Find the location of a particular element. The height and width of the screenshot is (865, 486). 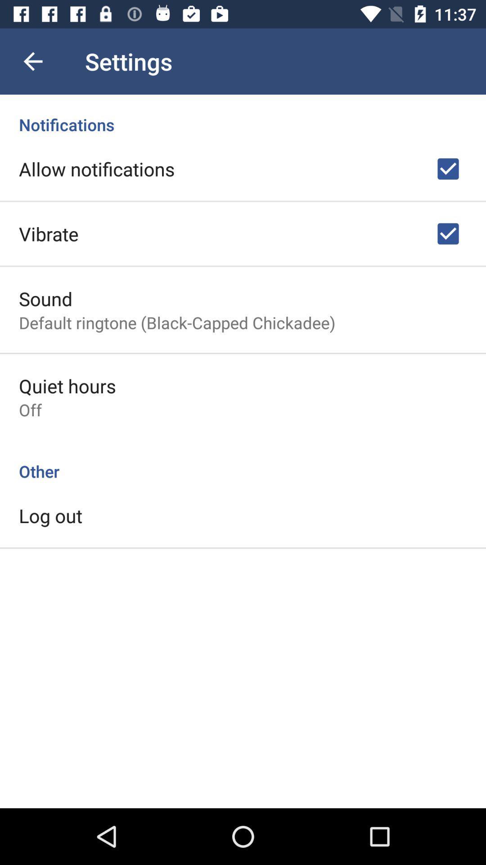

the icon below the vibrate item is located at coordinates (45, 298).